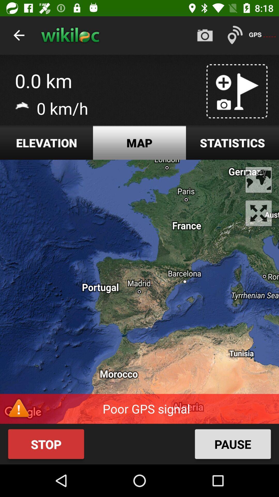 Image resolution: width=279 pixels, height=497 pixels. I want to click on icon above stop, so click(139, 292).